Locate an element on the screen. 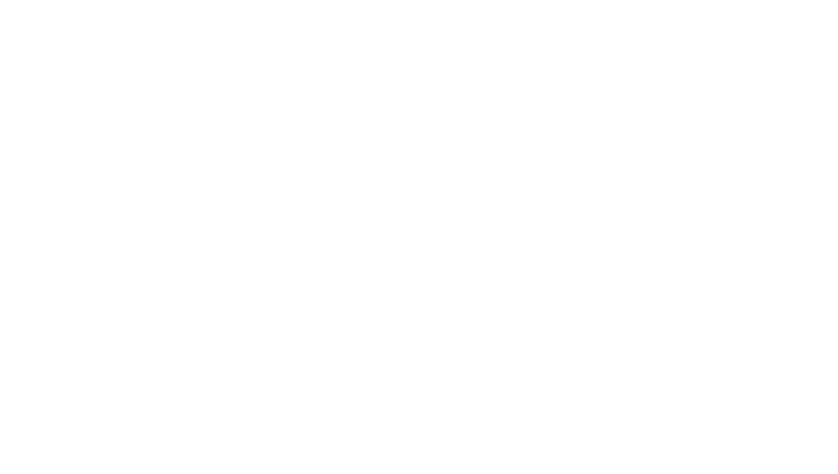 This screenshot has width=838, height=474. 'Work Pro Unveils Arena Series Loudspeakers' is located at coordinates (359, 356).